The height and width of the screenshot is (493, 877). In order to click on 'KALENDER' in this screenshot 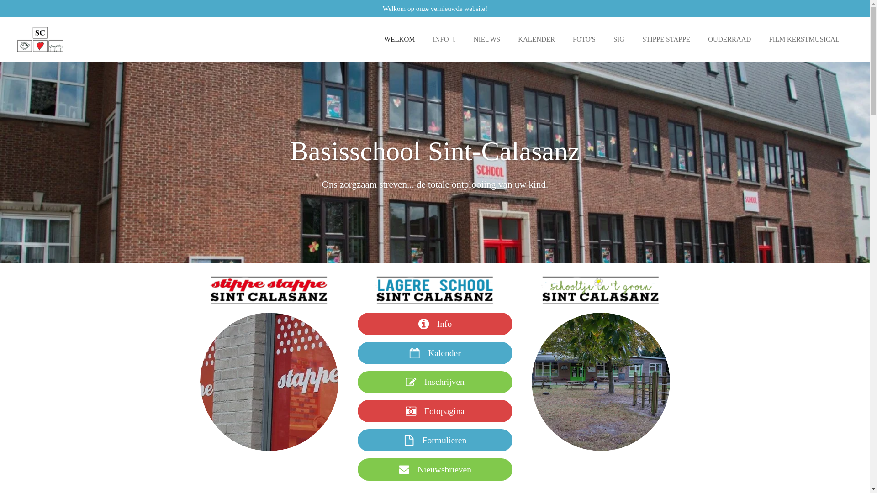, I will do `click(512, 39)`.